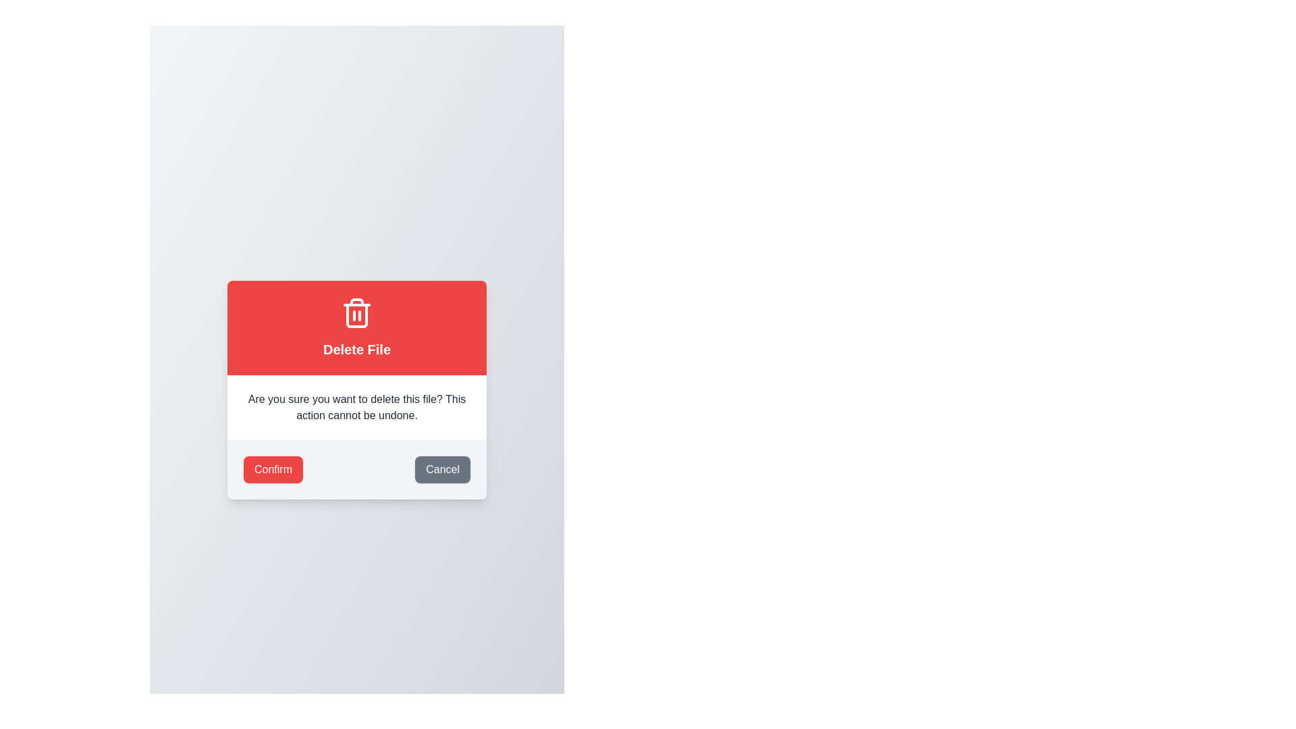 The height and width of the screenshot is (729, 1296). I want to click on the leftmost red confirmation button at the bottom of the dialog to approve the operation described, so click(272, 468).